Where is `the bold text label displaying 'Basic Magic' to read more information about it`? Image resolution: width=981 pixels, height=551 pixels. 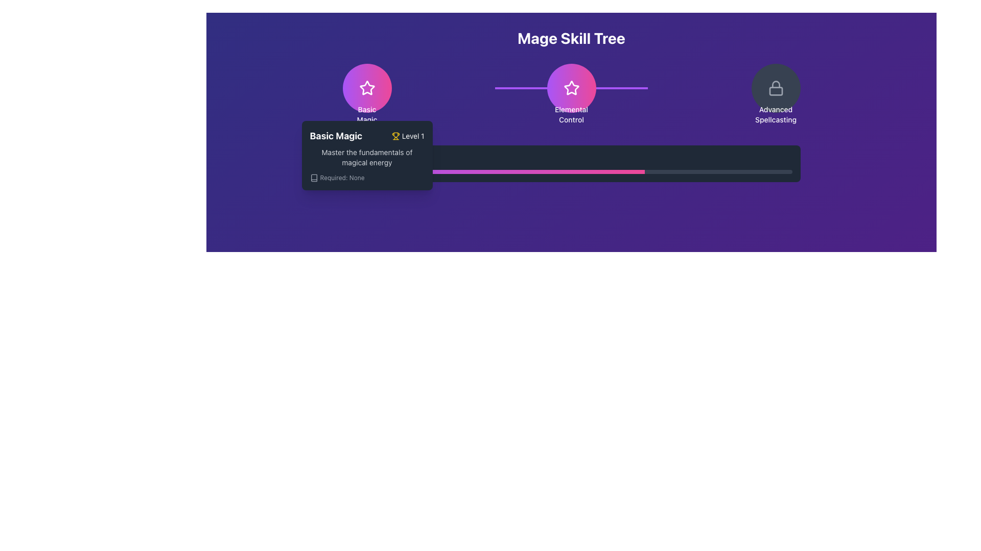
the bold text label displaying 'Basic Magic' to read more information about it is located at coordinates (336, 135).